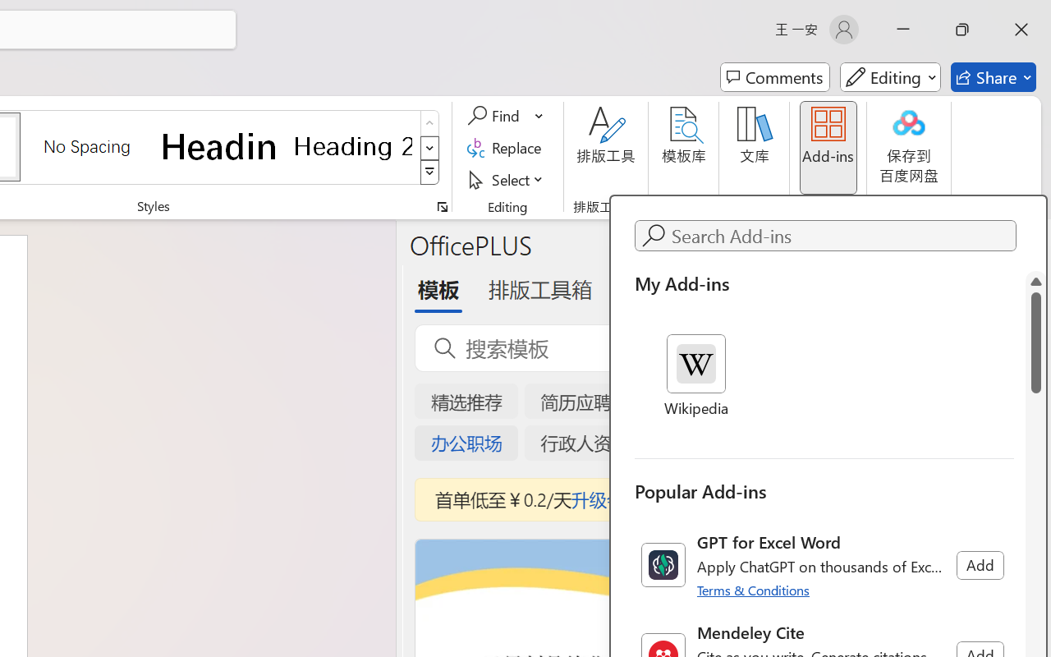  I want to click on 'Terms & Conditions', so click(754, 589).